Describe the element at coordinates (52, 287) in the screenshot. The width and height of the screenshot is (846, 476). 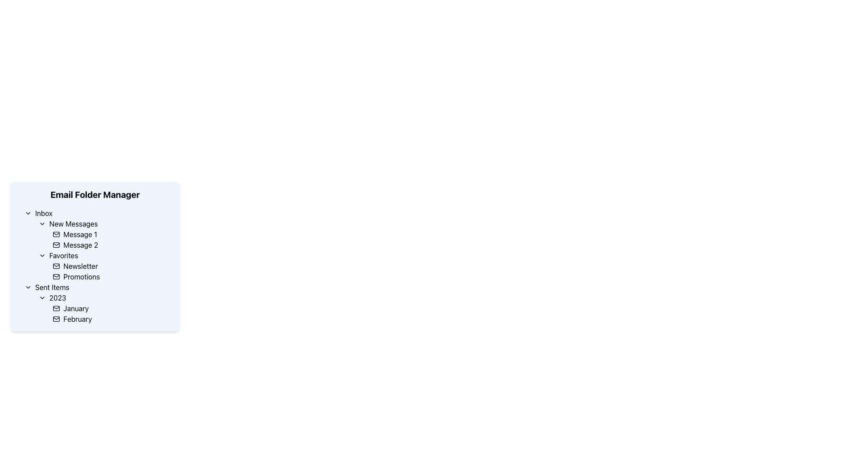
I see `the 'Sent Items' text label located under the 'Email Folder Manager' section in the left panel` at that location.